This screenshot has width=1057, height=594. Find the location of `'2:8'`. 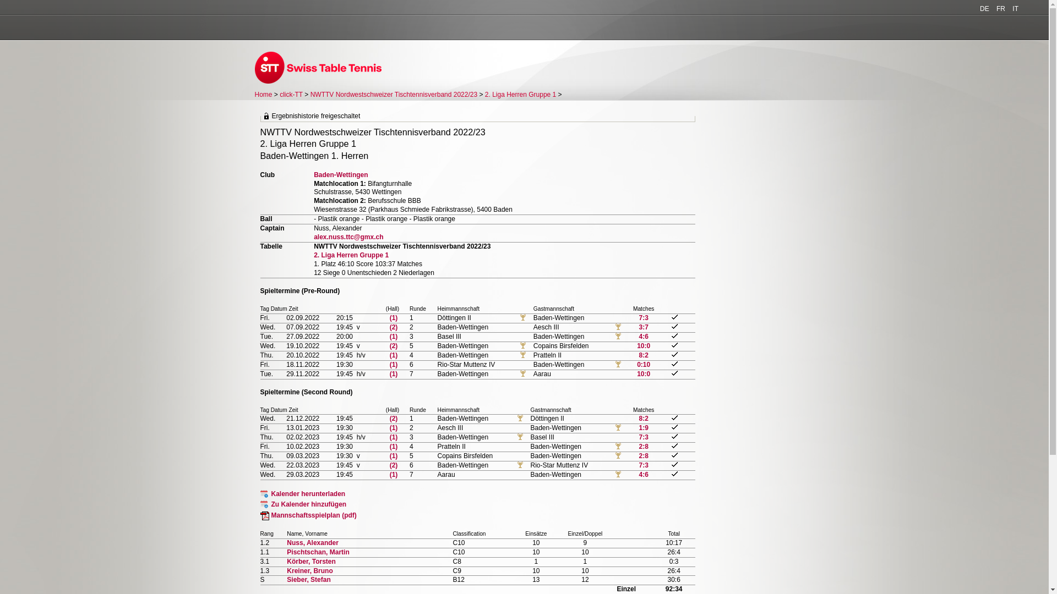

'2:8' is located at coordinates (644, 456).